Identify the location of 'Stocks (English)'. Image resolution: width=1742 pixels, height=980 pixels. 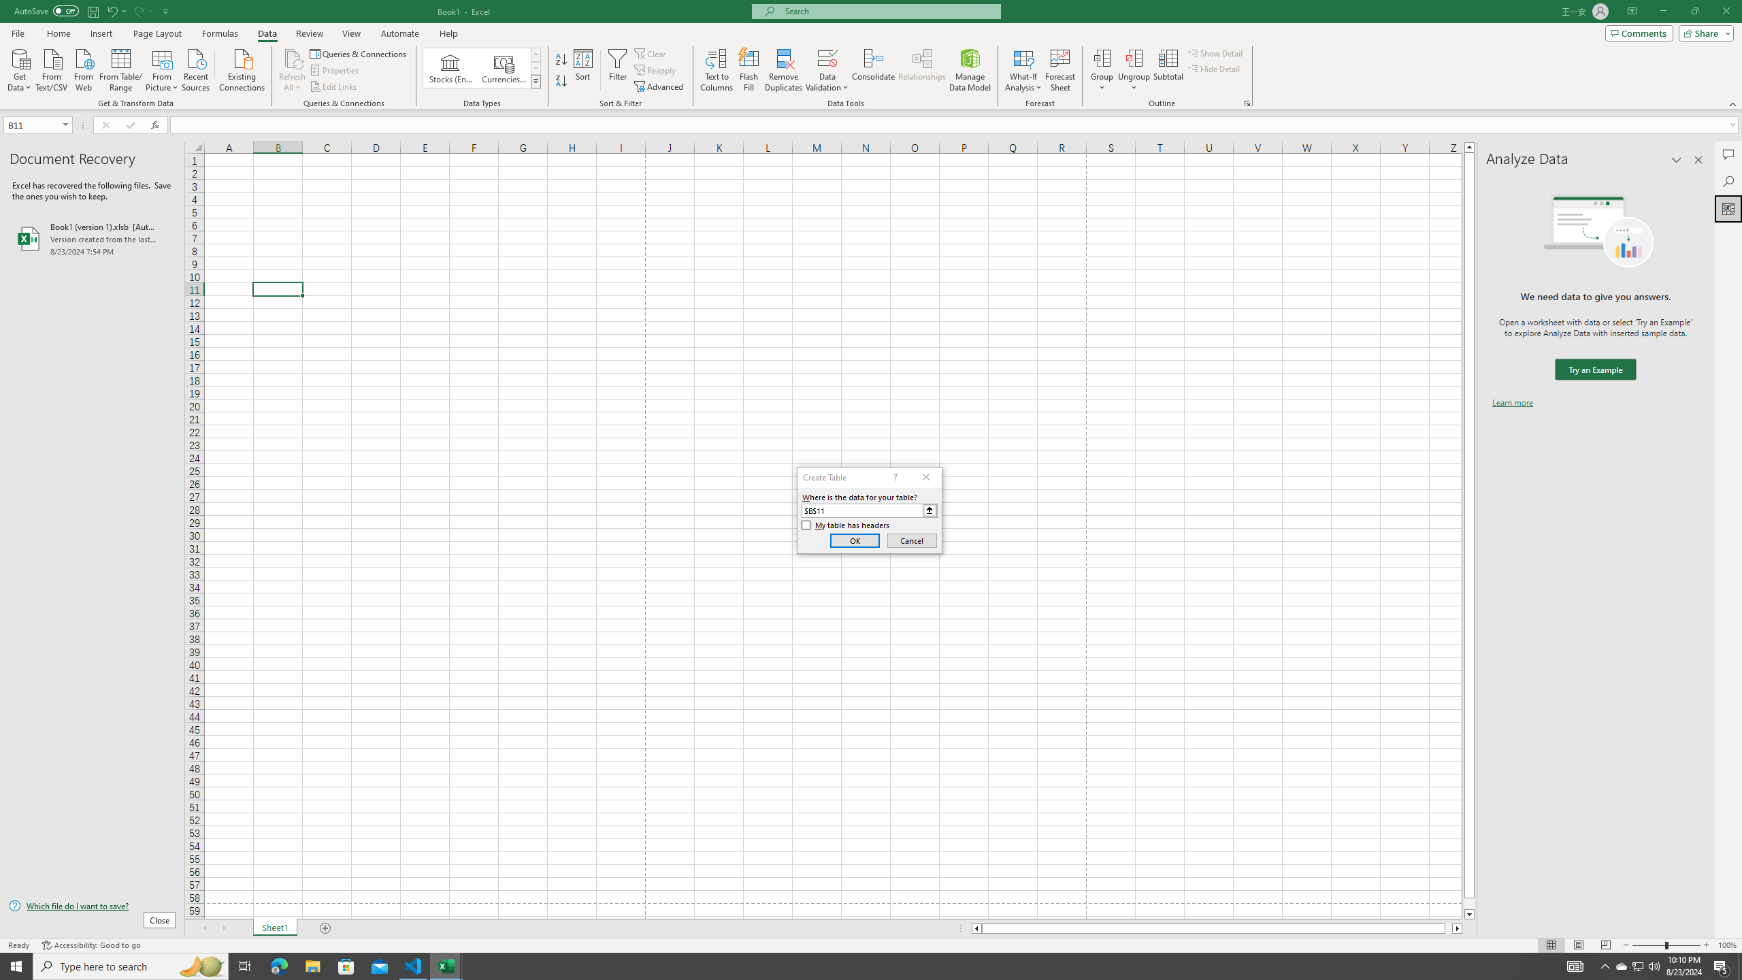
(449, 67).